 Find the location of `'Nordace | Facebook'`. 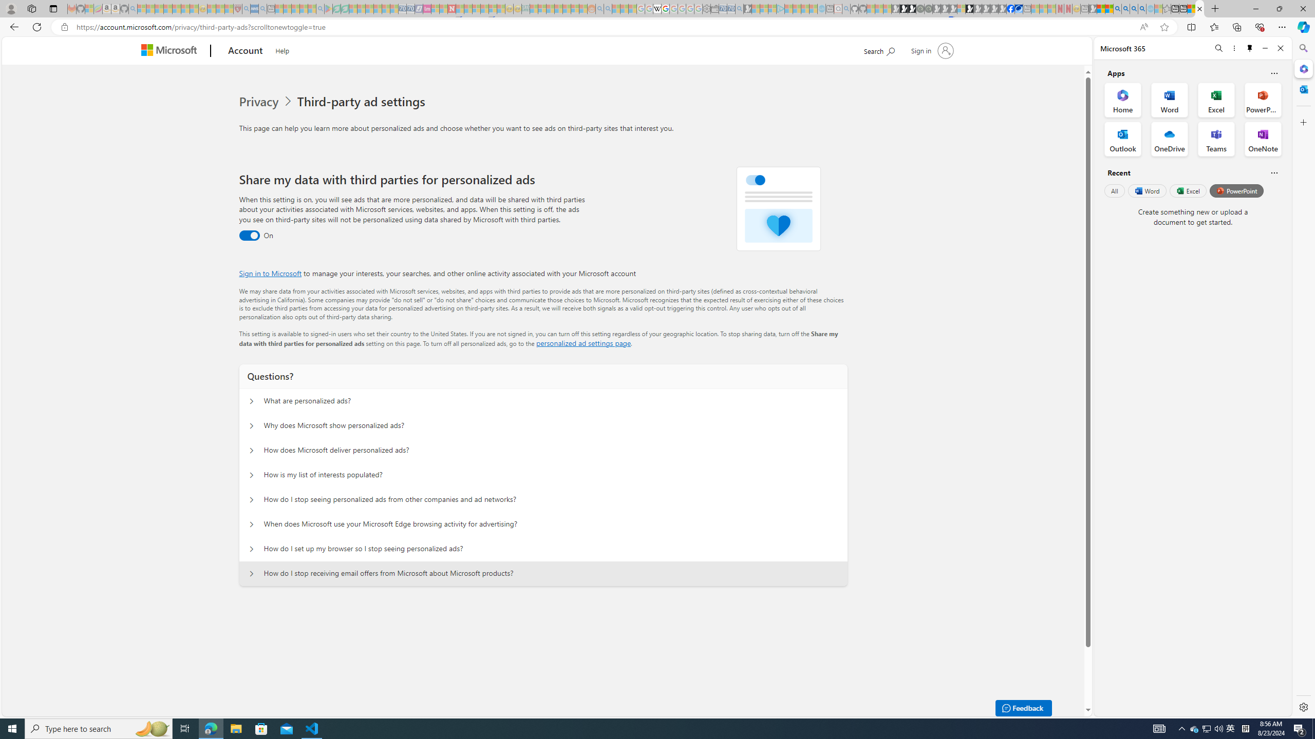

'Nordace | Facebook' is located at coordinates (1010, 8).